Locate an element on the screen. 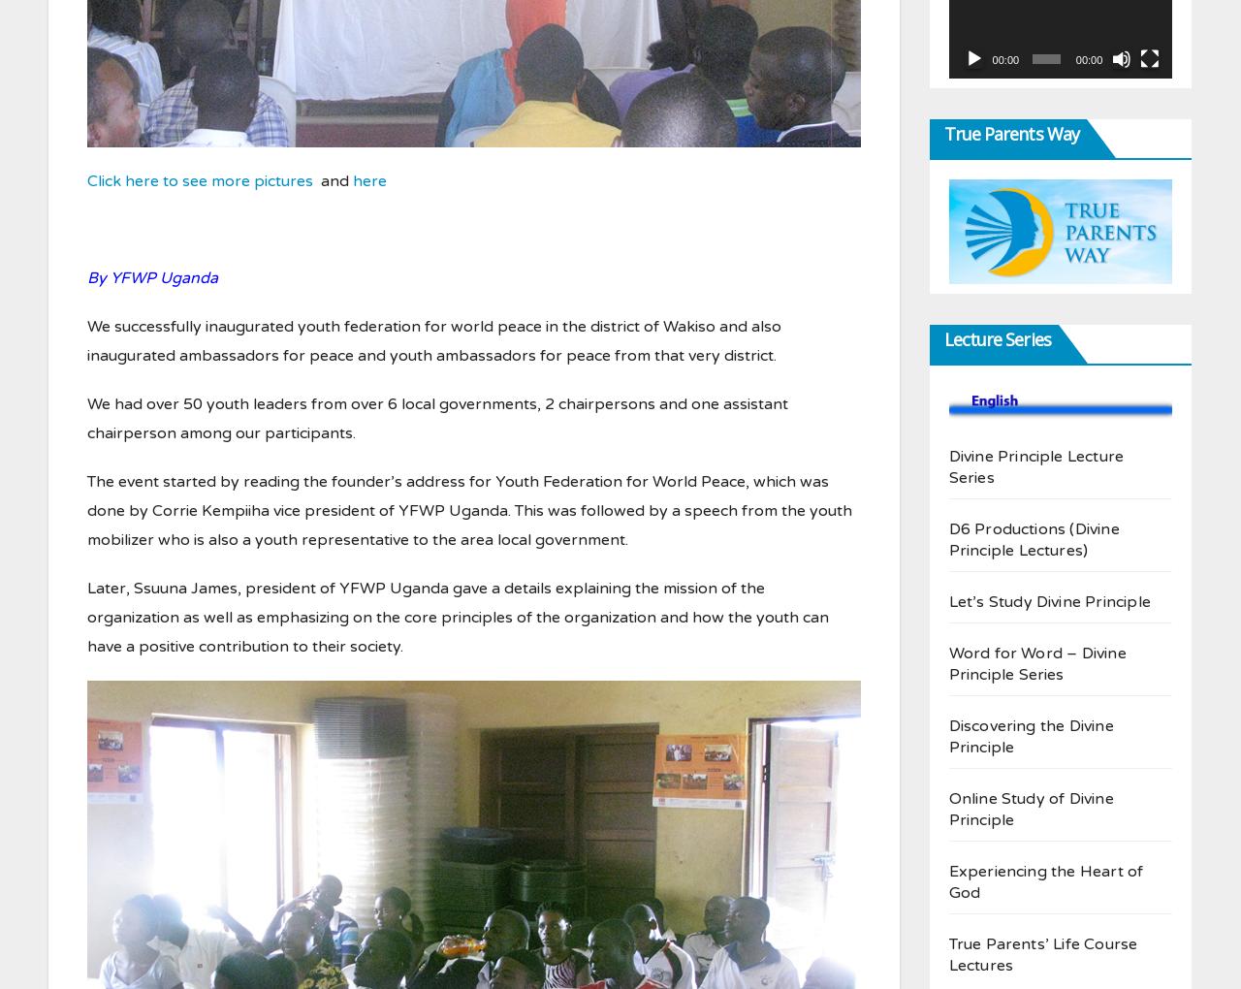  'The event started by reading the founder’s address for Youth Federation for World Peace, which was done by Corrie Kempiiha vice president of YFWP Uganda. This was followed by a speech from the youth mobilizer who is also a youth representative to the area local government.' is located at coordinates (469, 509).